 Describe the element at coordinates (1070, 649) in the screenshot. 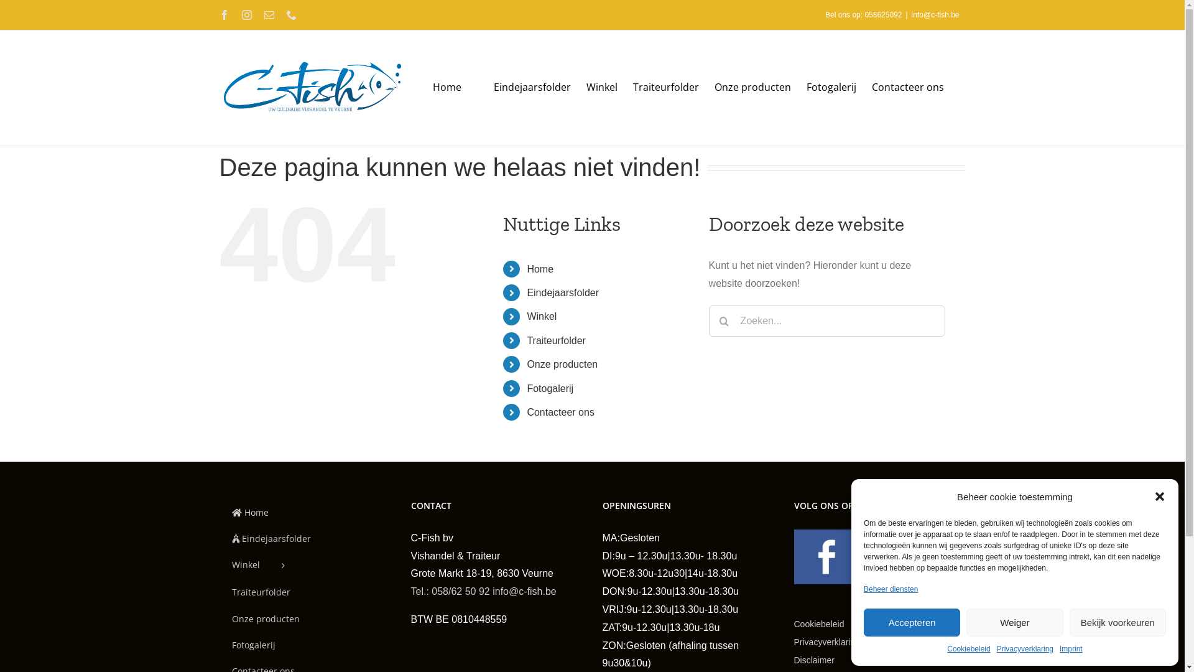

I see `'Imprint'` at that location.